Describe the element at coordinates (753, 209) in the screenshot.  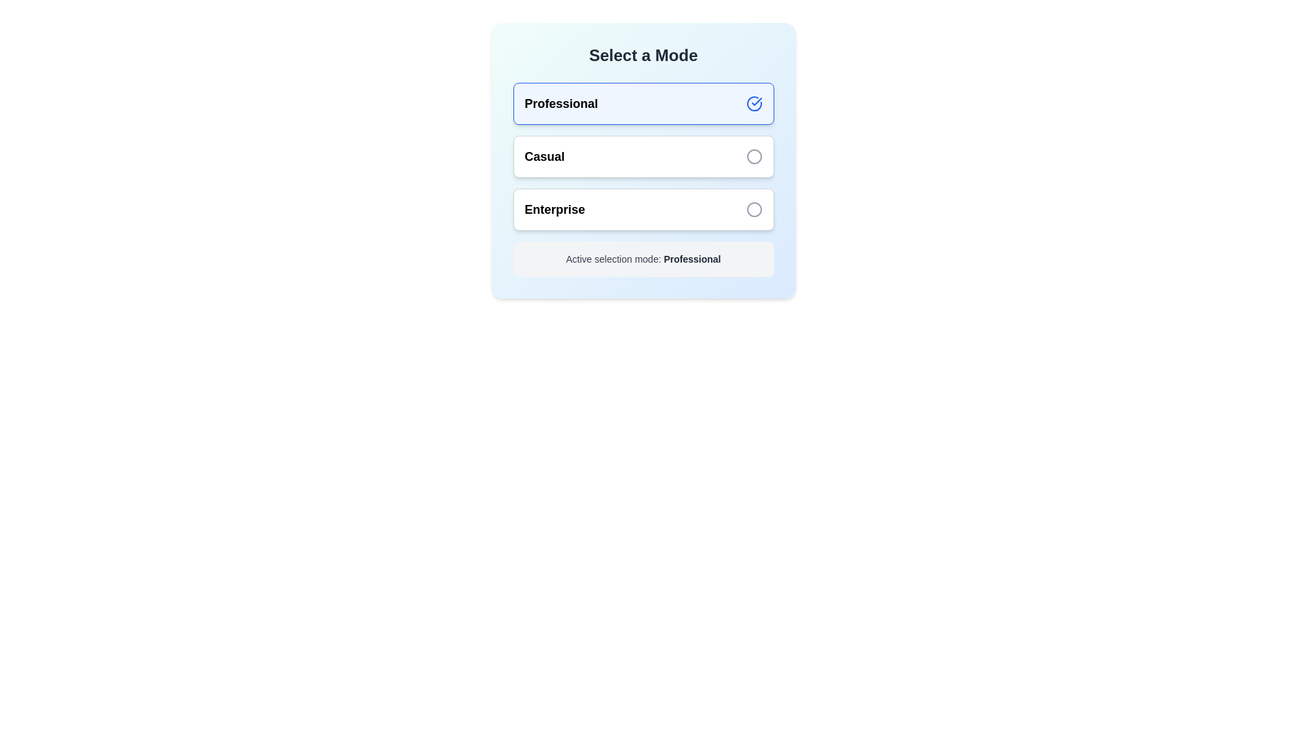
I see `the circular radio button in an unselected state located in the 'Enterprise' option row` at that location.